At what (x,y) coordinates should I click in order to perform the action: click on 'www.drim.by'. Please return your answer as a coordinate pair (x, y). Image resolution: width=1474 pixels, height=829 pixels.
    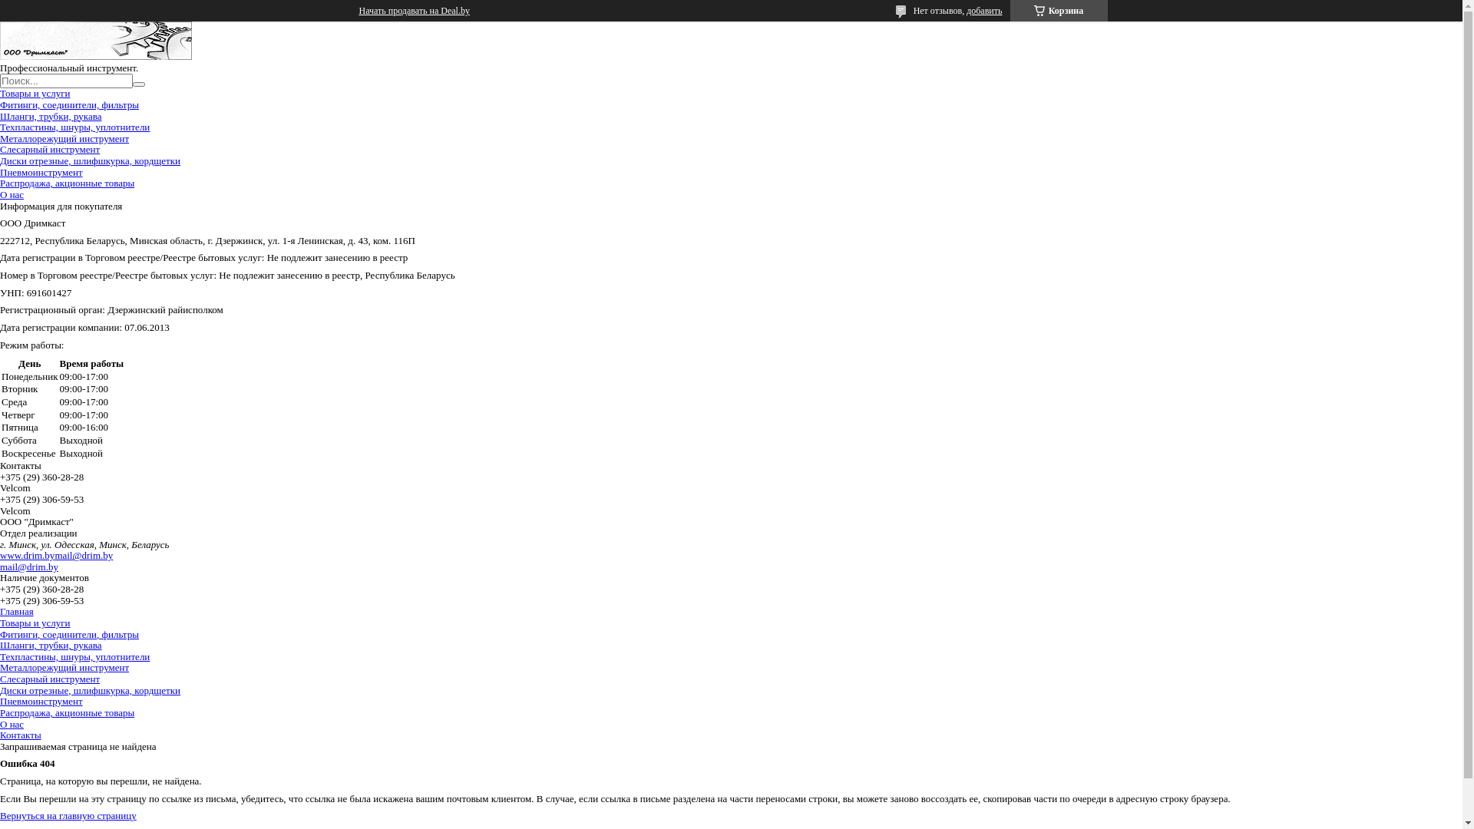
    Looking at the image, I should click on (27, 555).